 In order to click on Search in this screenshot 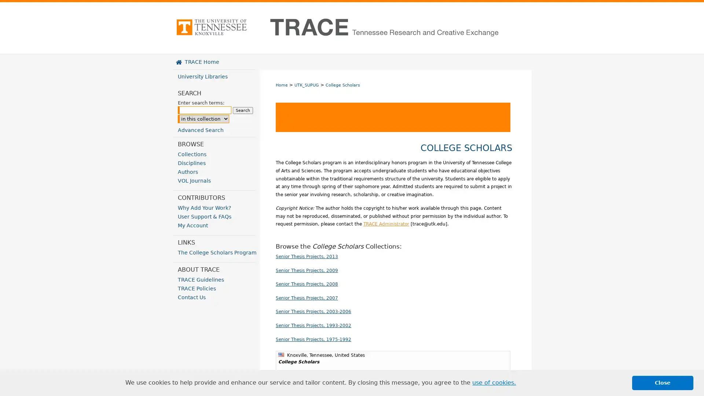, I will do `click(243, 110)`.